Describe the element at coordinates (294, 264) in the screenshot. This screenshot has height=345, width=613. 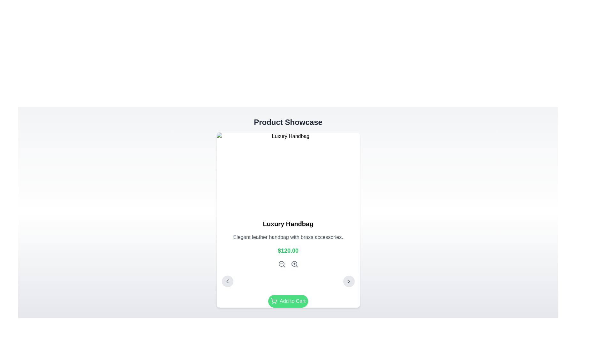
I see `the zoom-in button located to the right of the zoom-out icon, below the product description and above the 'Add to Cart' button for further keyboard interaction` at that location.